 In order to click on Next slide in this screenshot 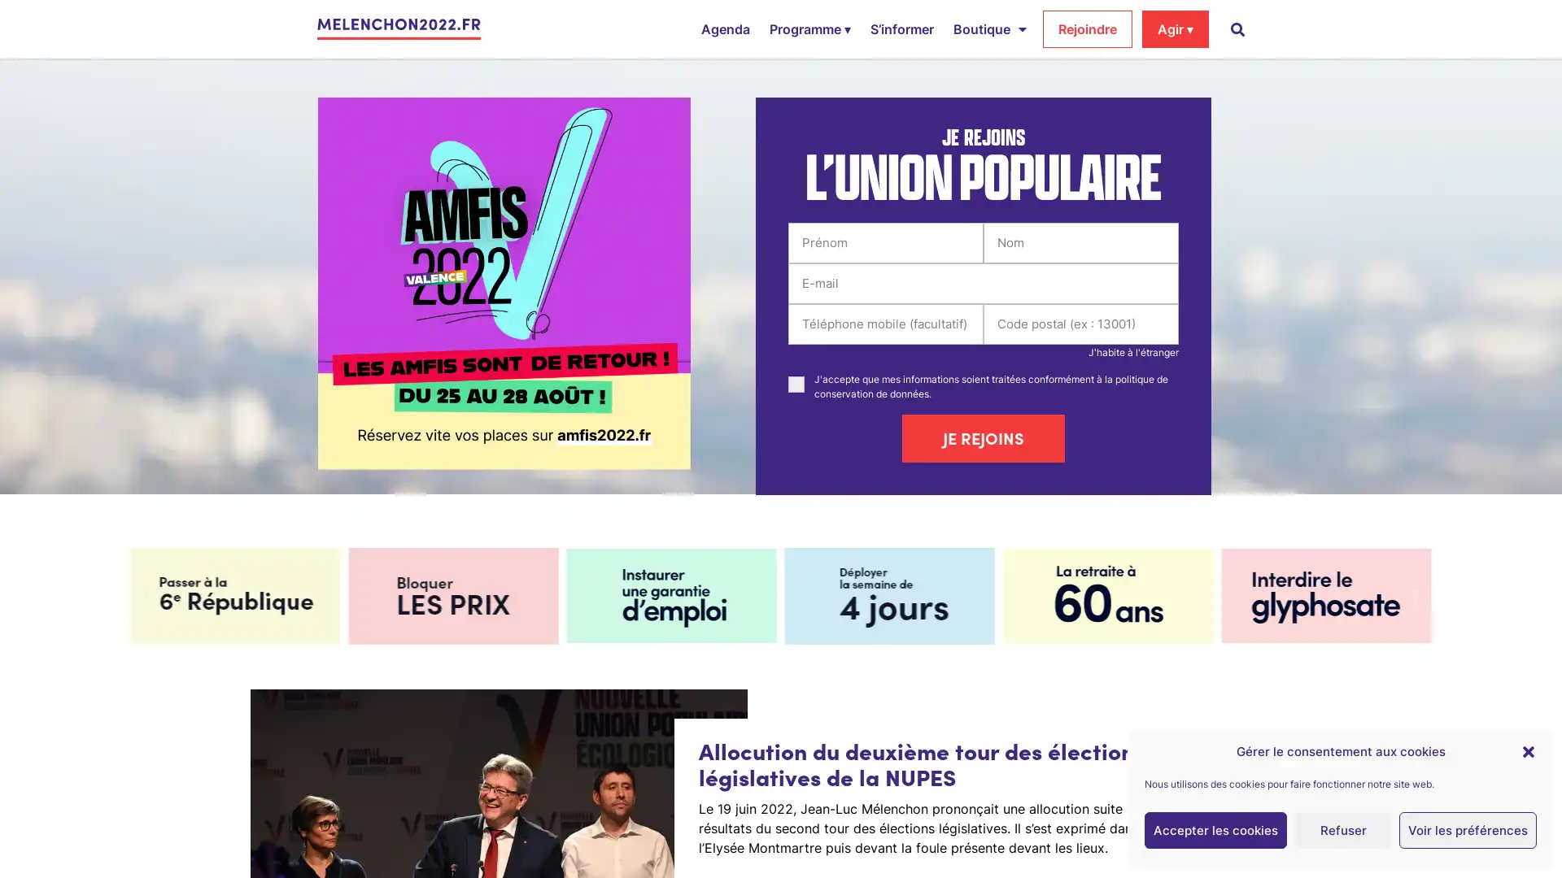, I will do `click(1414, 595)`.